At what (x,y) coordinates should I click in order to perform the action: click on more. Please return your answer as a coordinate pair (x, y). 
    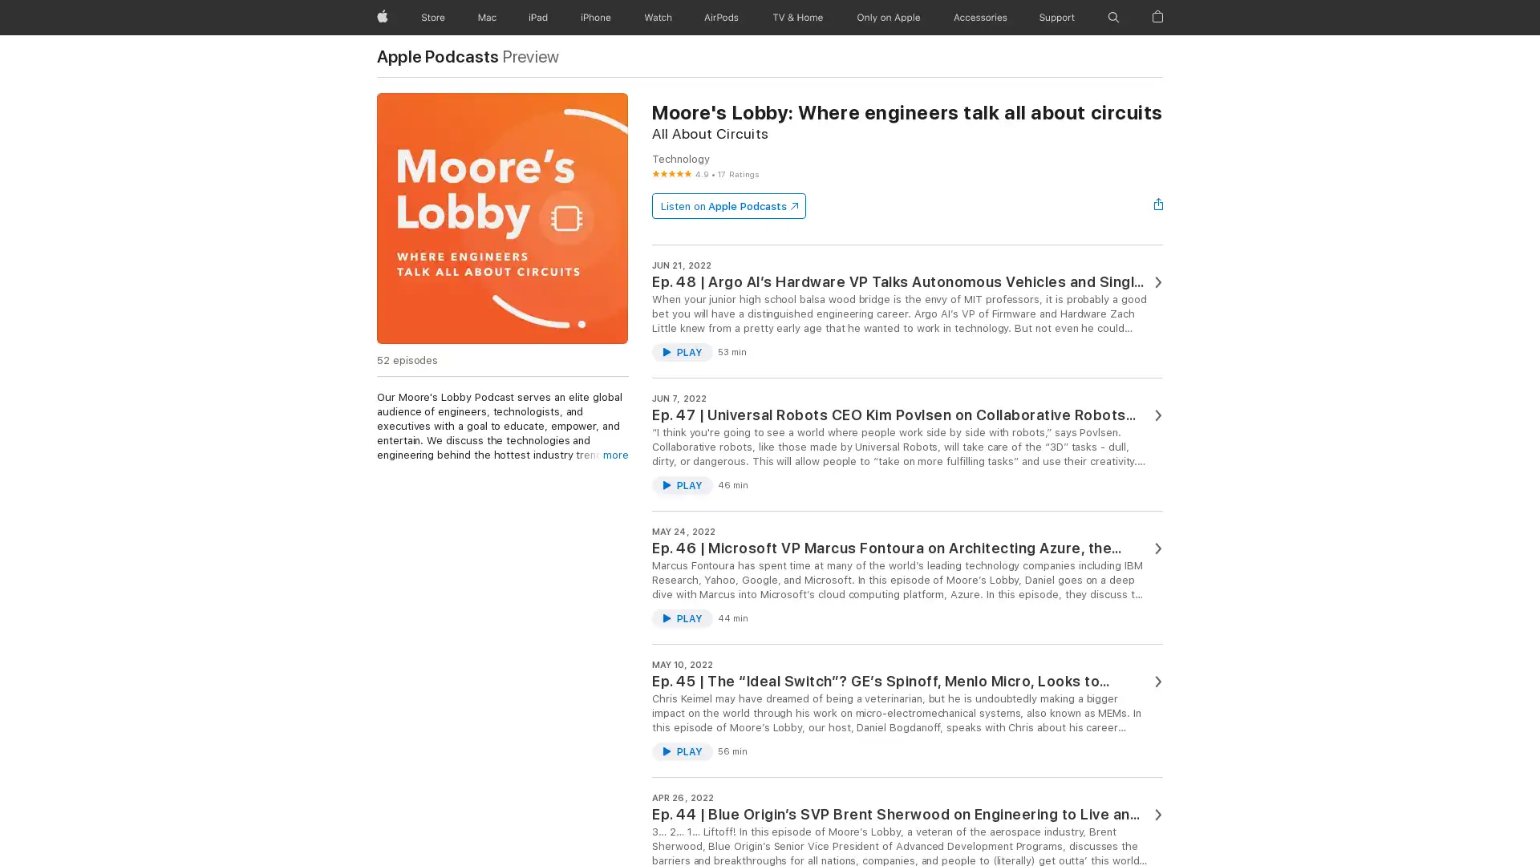
    Looking at the image, I should click on (614, 455).